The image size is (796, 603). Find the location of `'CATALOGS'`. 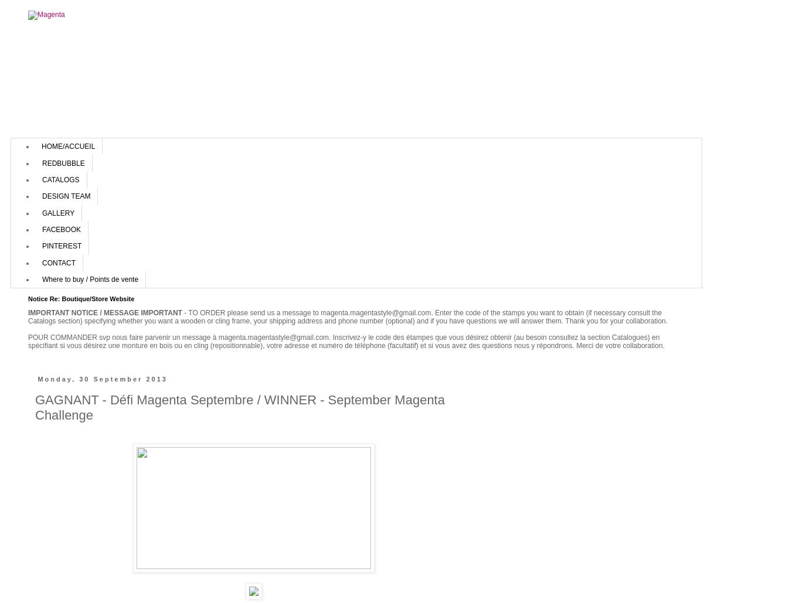

'CATALOGS' is located at coordinates (60, 179).